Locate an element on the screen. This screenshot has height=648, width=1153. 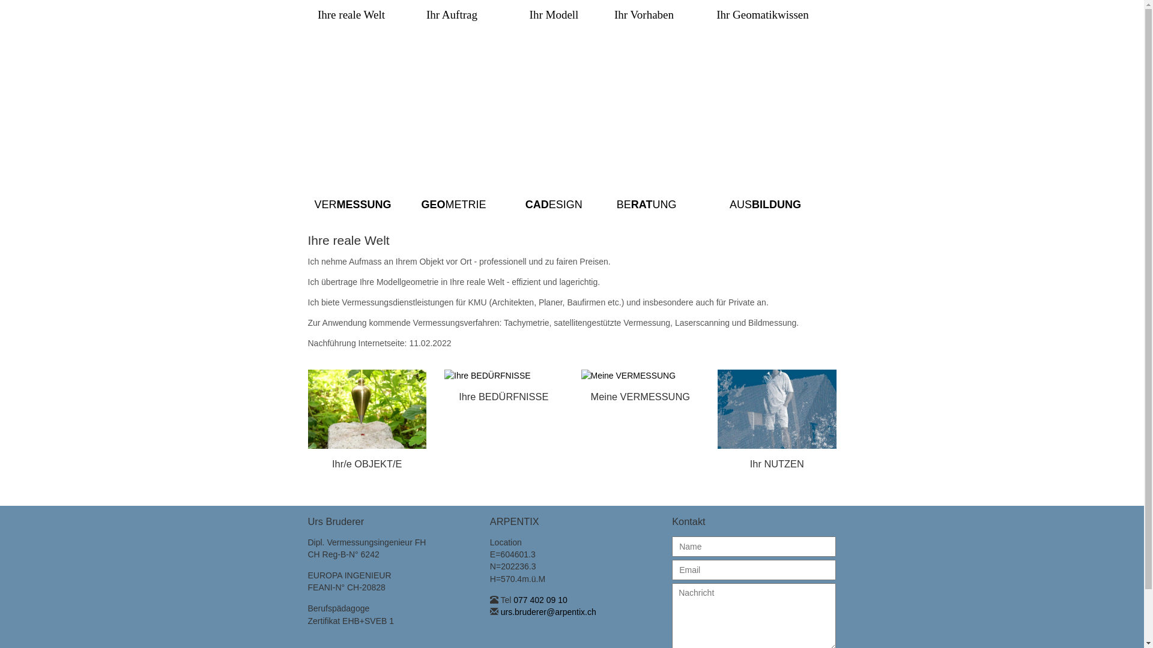
'urs.bruderer@arpentix.ch' is located at coordinates (501, 611).